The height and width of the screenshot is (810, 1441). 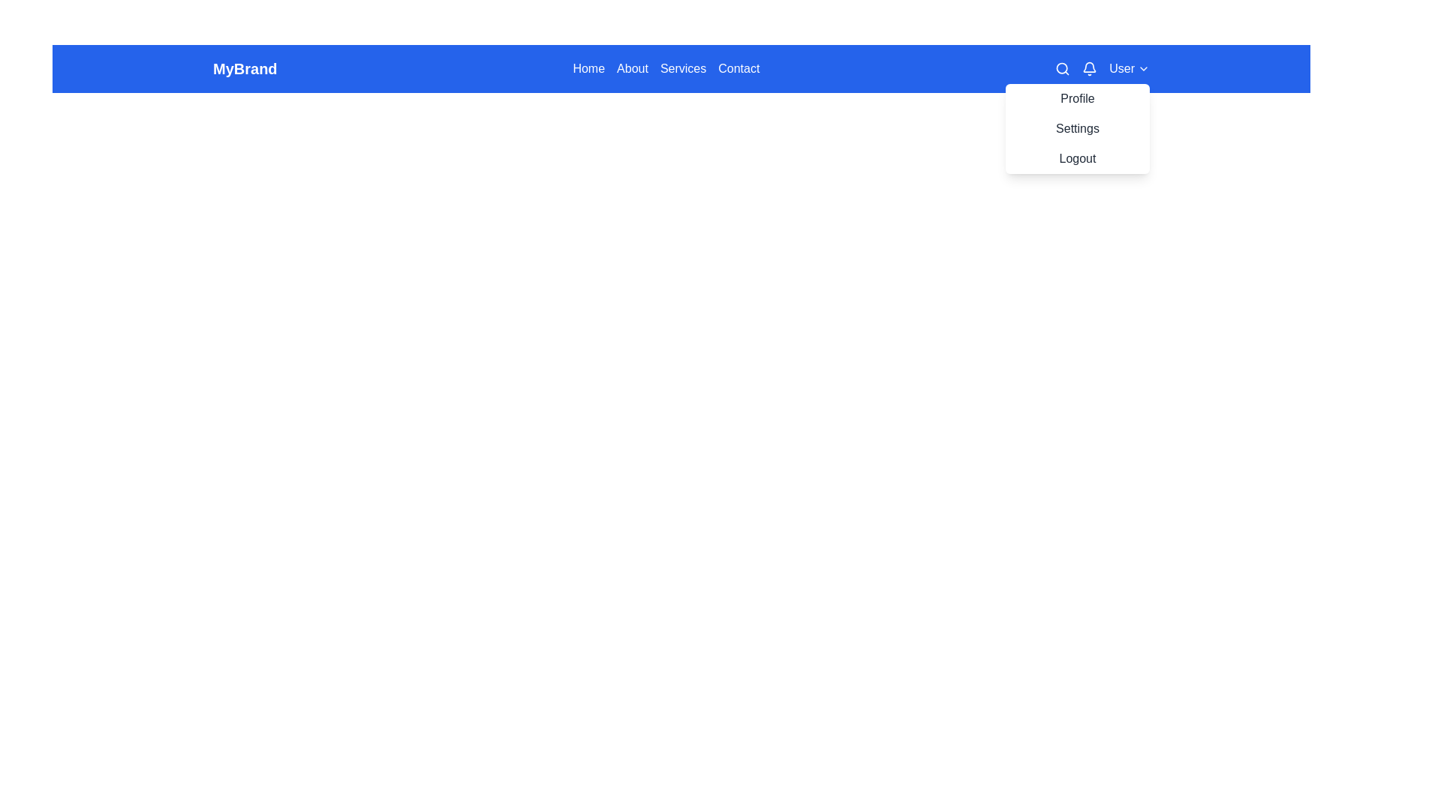 What do you see at coordinates (245, 69) in the screenshot?
I see `the brand identifier or logo located on the far-left side of the navigation bar at the top of the page` at bounding box center [245, 69].